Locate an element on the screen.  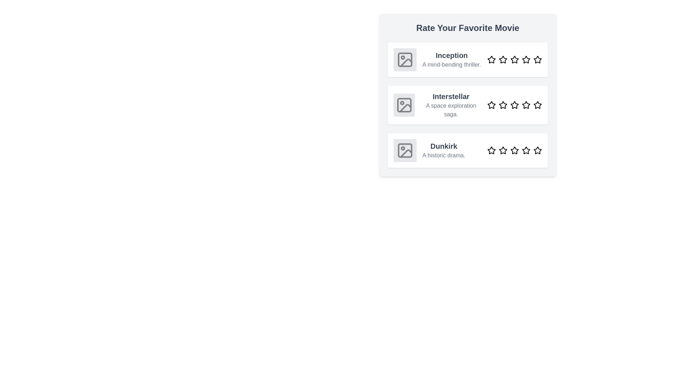
the bold, dark gray text label 'Inception' that is prominently displayed at the top of the movie titles list is located at coordinates (451, 55).